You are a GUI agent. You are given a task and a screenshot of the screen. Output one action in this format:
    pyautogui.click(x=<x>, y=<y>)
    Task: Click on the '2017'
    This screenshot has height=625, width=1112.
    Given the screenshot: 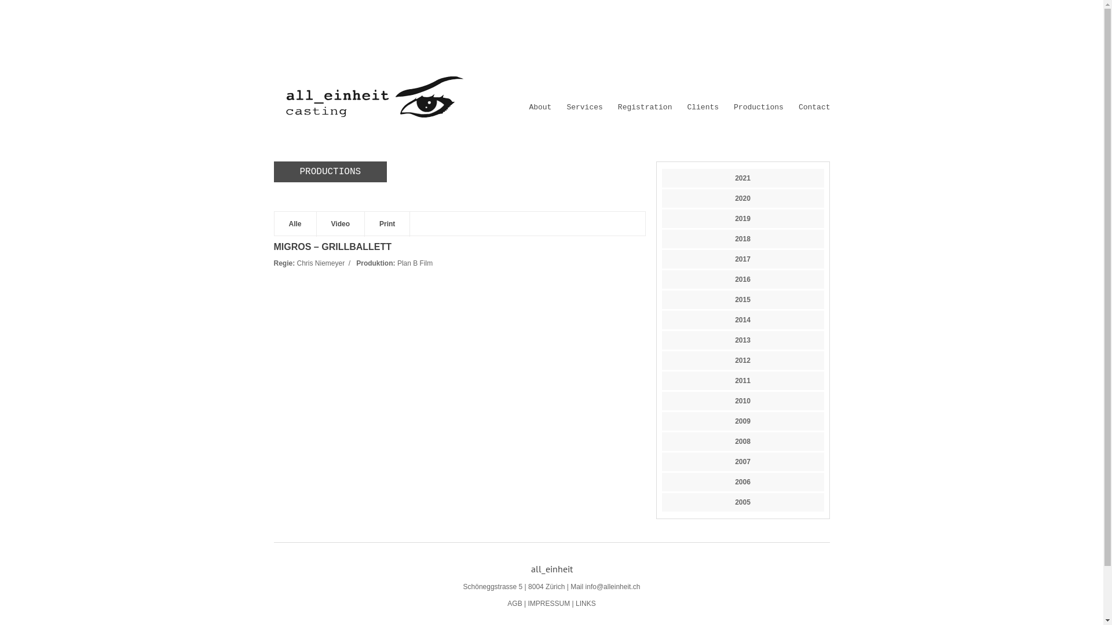 What is the action you would take?
    pyautogui.click(x=742, y=258)
    